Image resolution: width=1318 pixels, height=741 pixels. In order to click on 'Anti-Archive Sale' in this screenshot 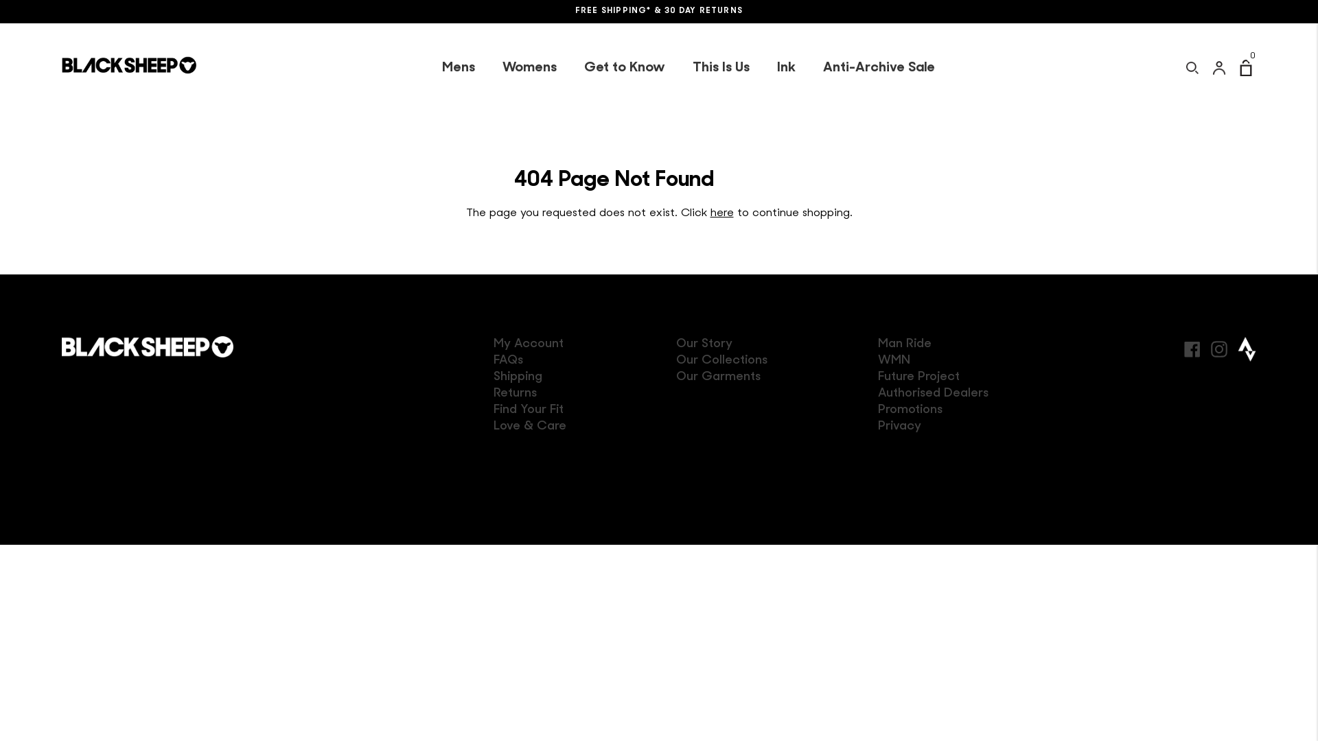, I will do `click(877, 68)`.